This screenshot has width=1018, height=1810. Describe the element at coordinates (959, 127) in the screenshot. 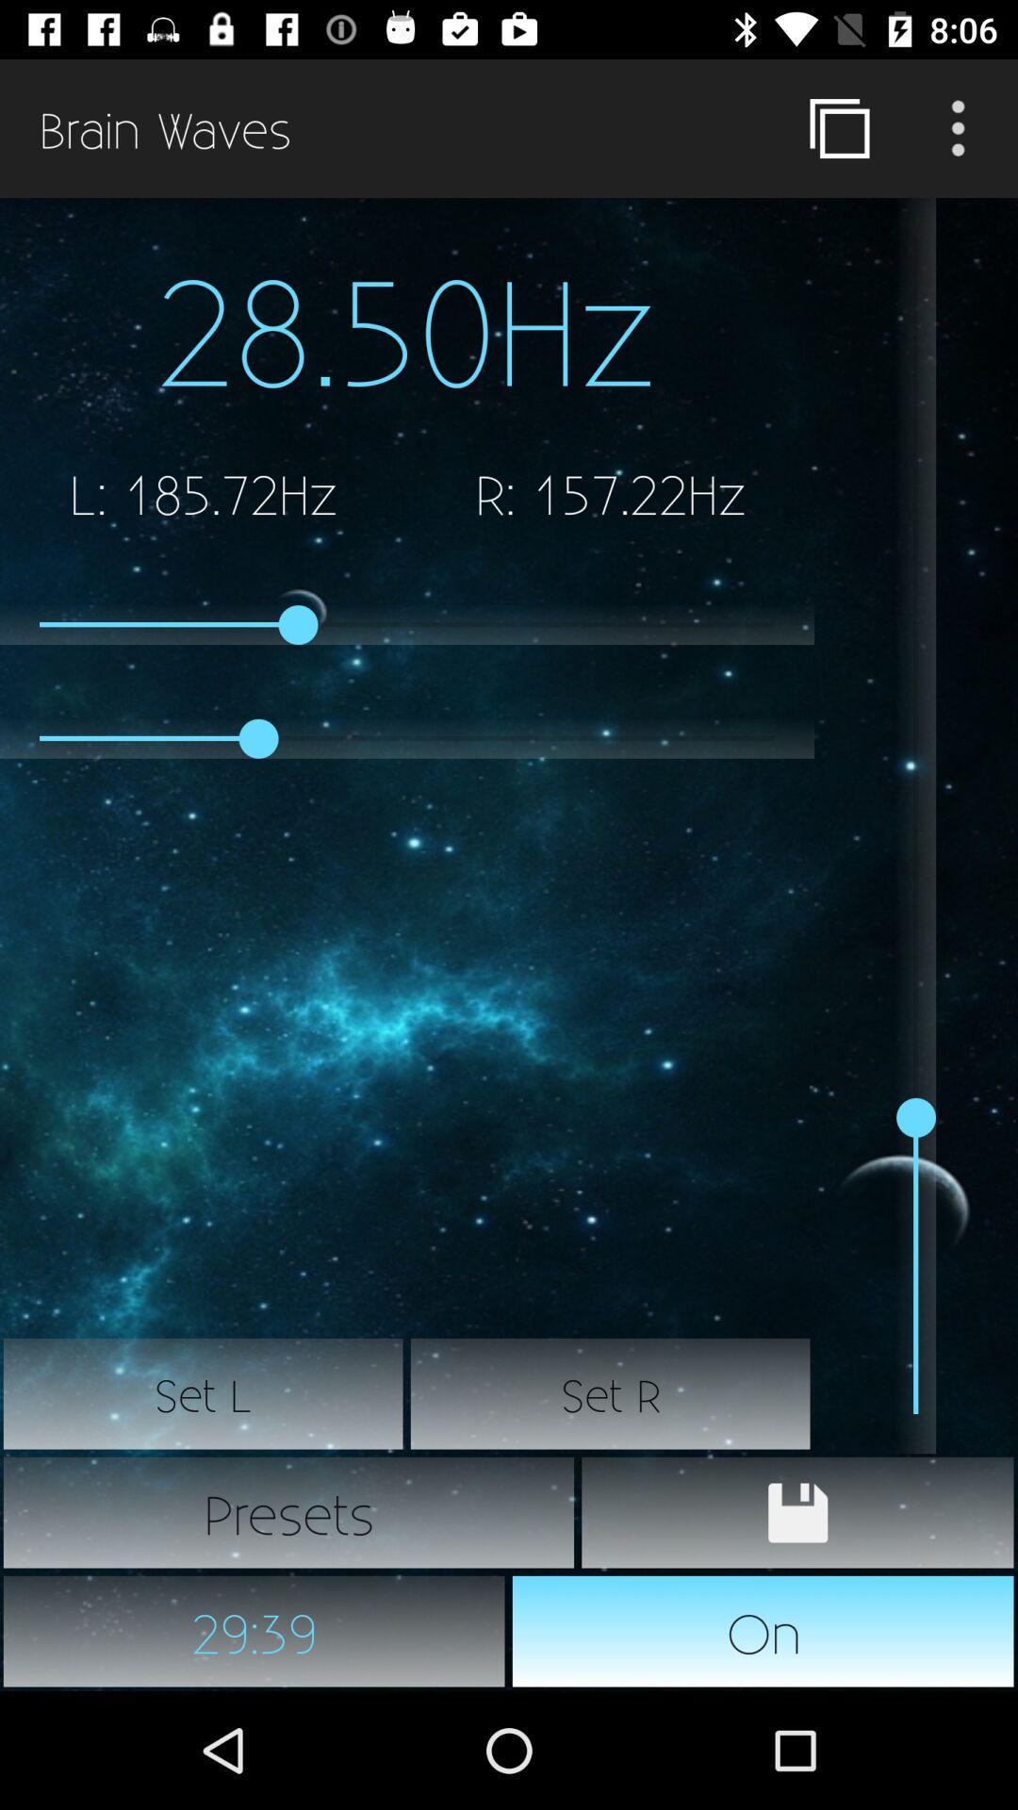

I see `more` at that location.